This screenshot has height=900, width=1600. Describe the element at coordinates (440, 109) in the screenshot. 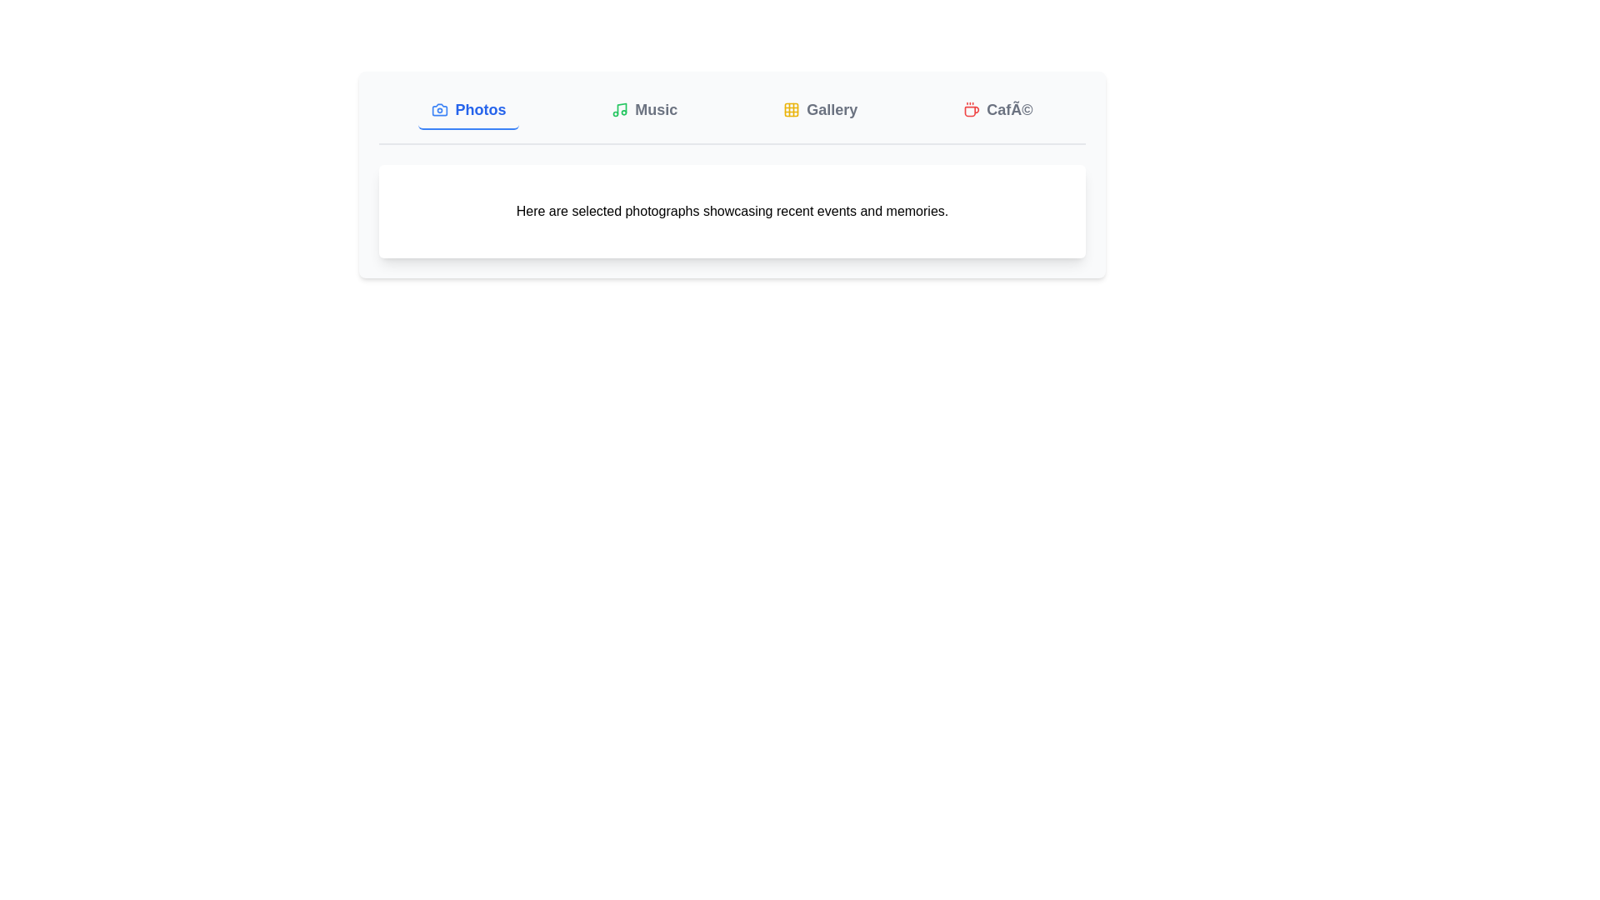

I see `the camera icon` at that location.